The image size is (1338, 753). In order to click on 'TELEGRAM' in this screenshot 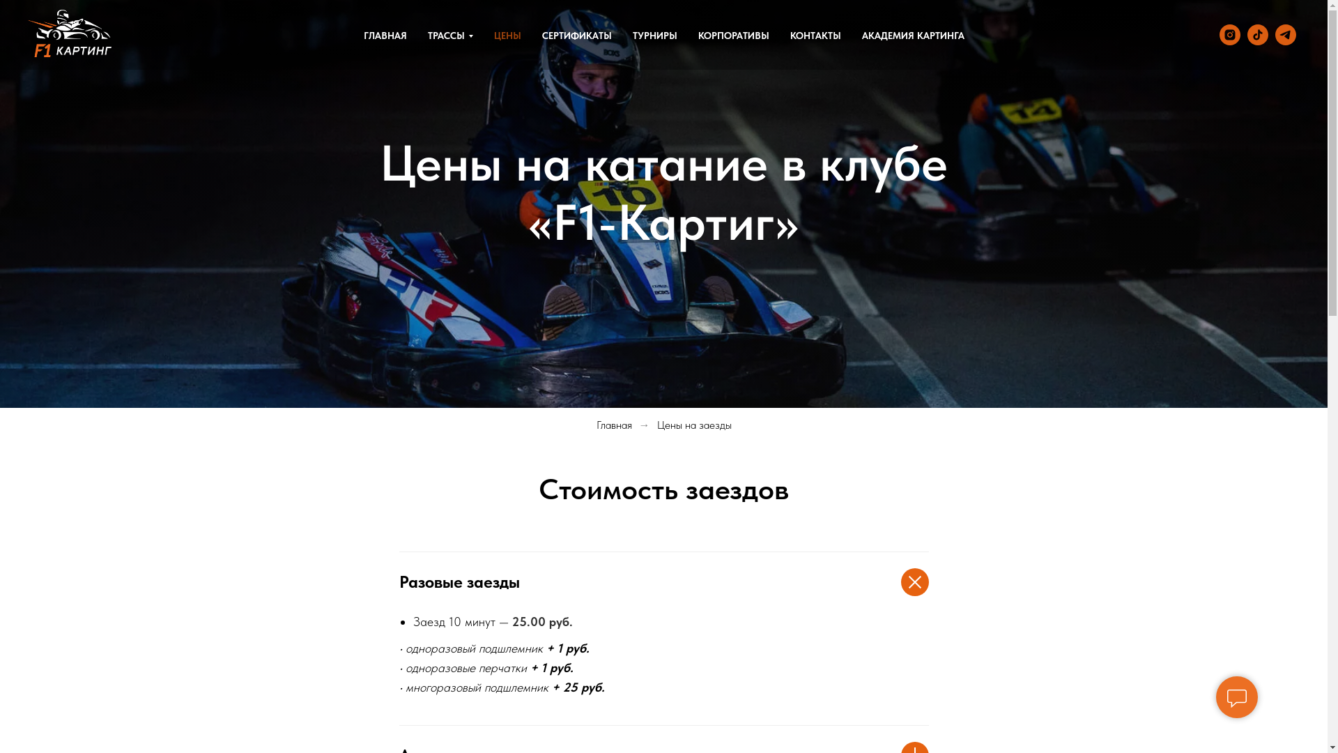, I will do `click(1284, 34)`.